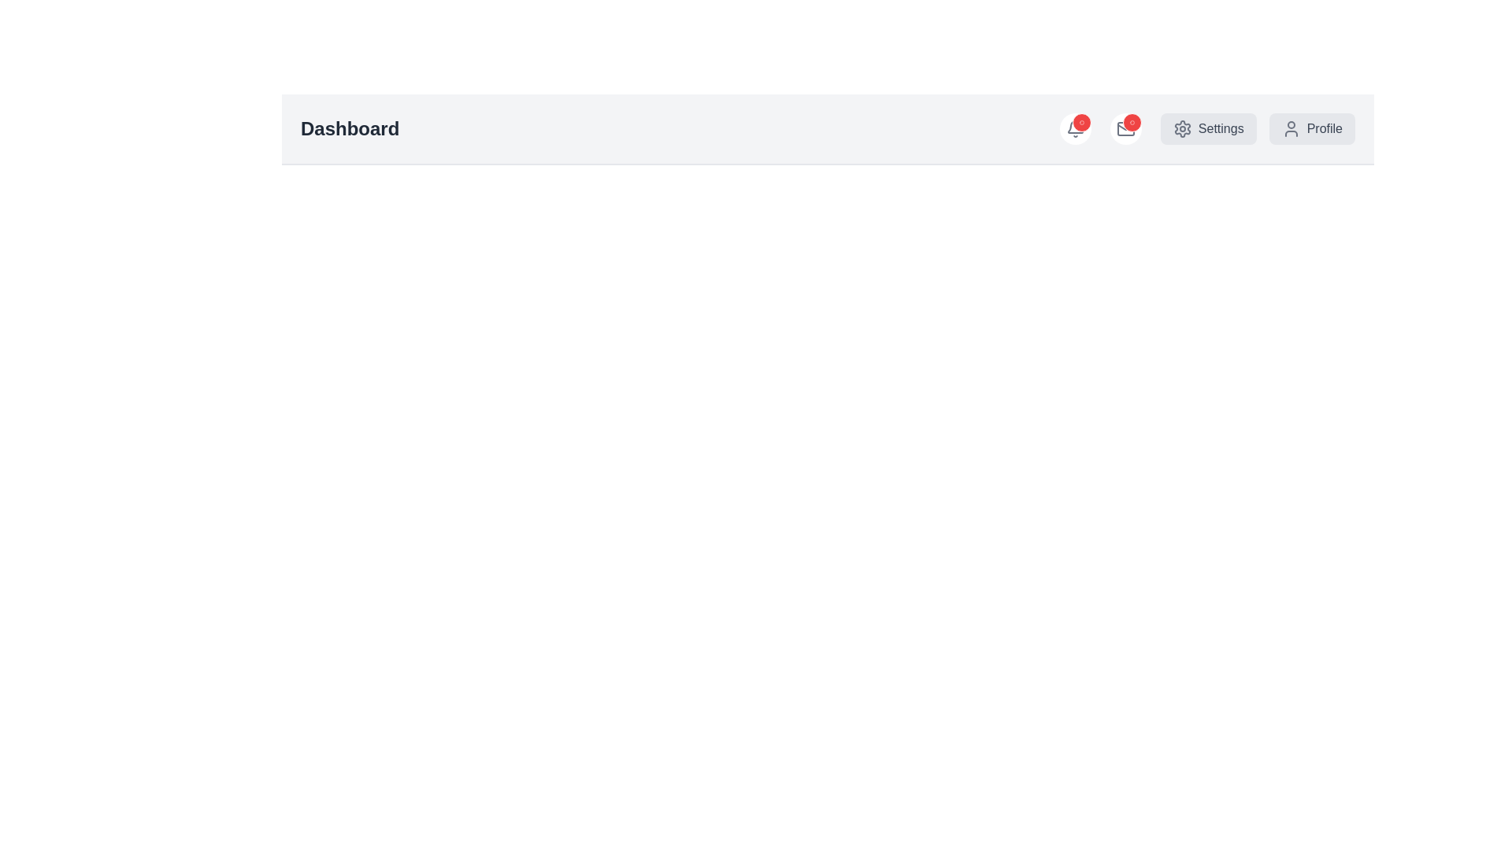 The height and width of the screenshot is (850, 1512). Describe the element at coordinates (1125, 128) in the screenshot. I see `the envelope icon, which is a rounded rectangular shape in the top-right area of the header bar, next to the settings gear icon and user profile icon` at that location.